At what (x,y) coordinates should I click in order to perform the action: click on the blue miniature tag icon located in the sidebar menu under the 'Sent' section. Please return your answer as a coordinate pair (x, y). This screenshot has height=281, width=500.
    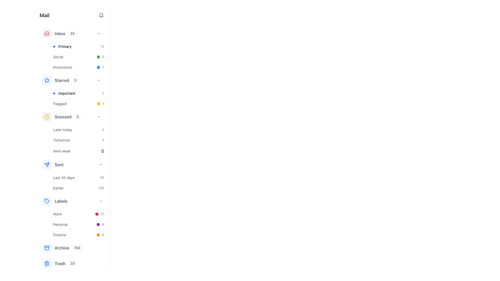
    Looking at the image, I should click on (47, 201).